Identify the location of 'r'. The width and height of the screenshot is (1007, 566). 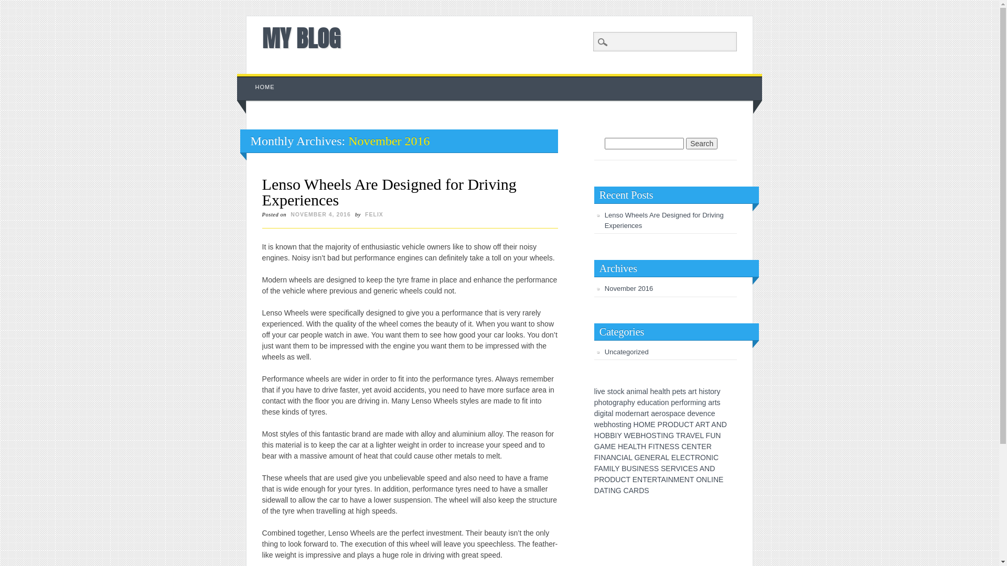
(693, 391).